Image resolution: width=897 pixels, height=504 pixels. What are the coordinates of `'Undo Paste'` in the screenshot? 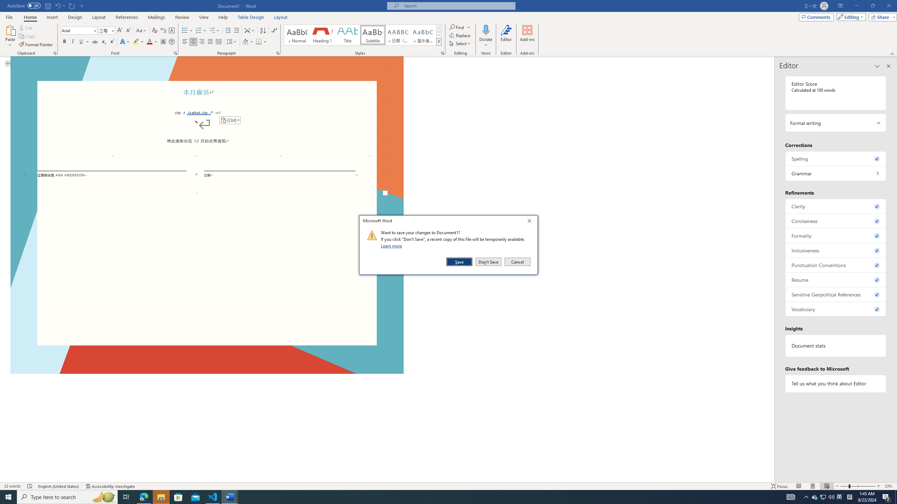 It's located at (57, 5).